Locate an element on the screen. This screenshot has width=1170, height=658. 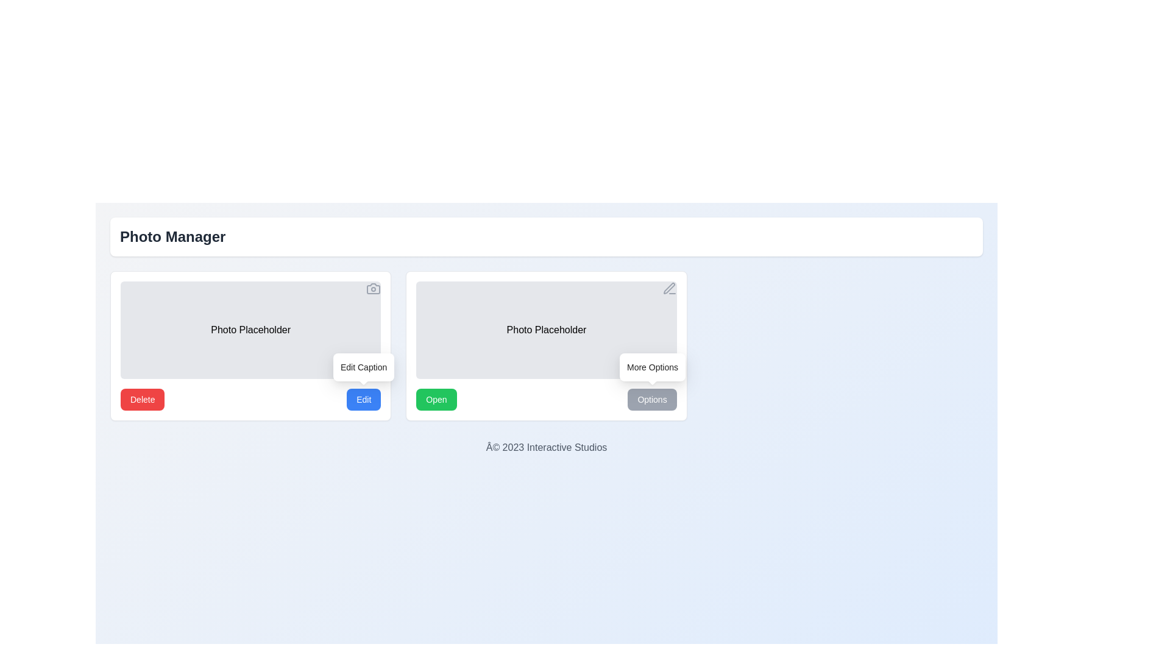
the 'Edit' button located at the bottom-right of the left card is located at coordinates (363, 399).